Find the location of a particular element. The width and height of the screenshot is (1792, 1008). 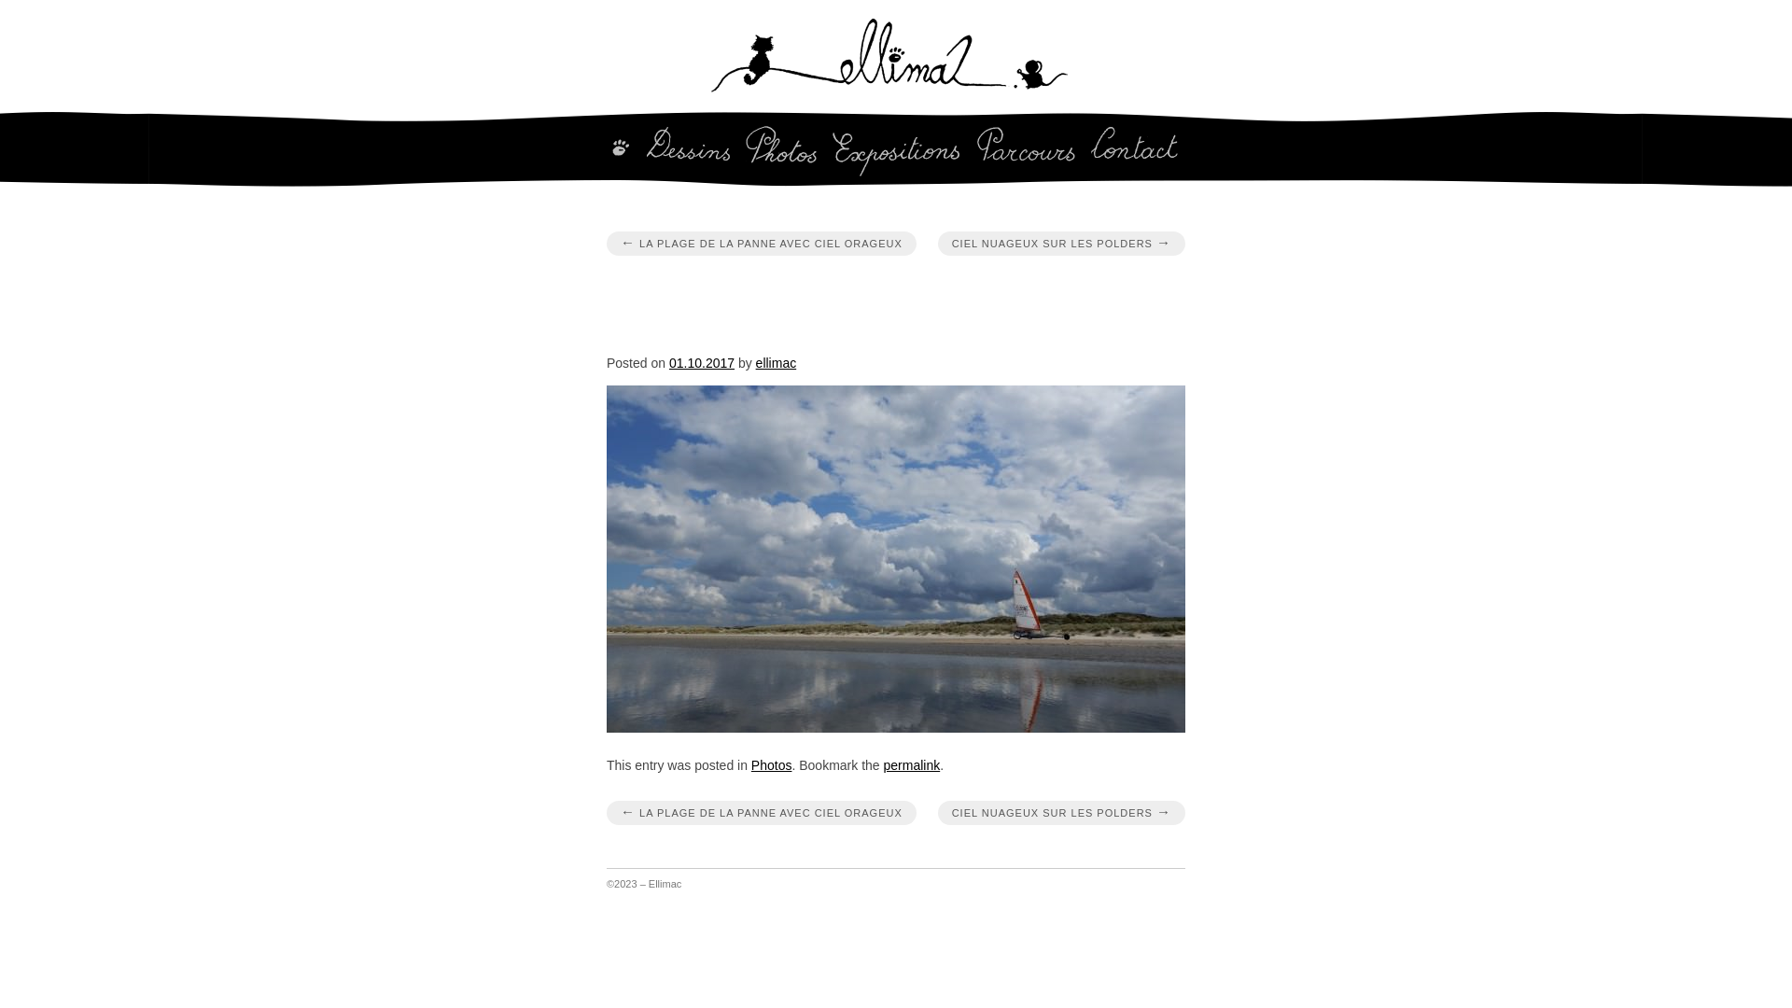

'ellimac' is located at coordinates (776, 363).